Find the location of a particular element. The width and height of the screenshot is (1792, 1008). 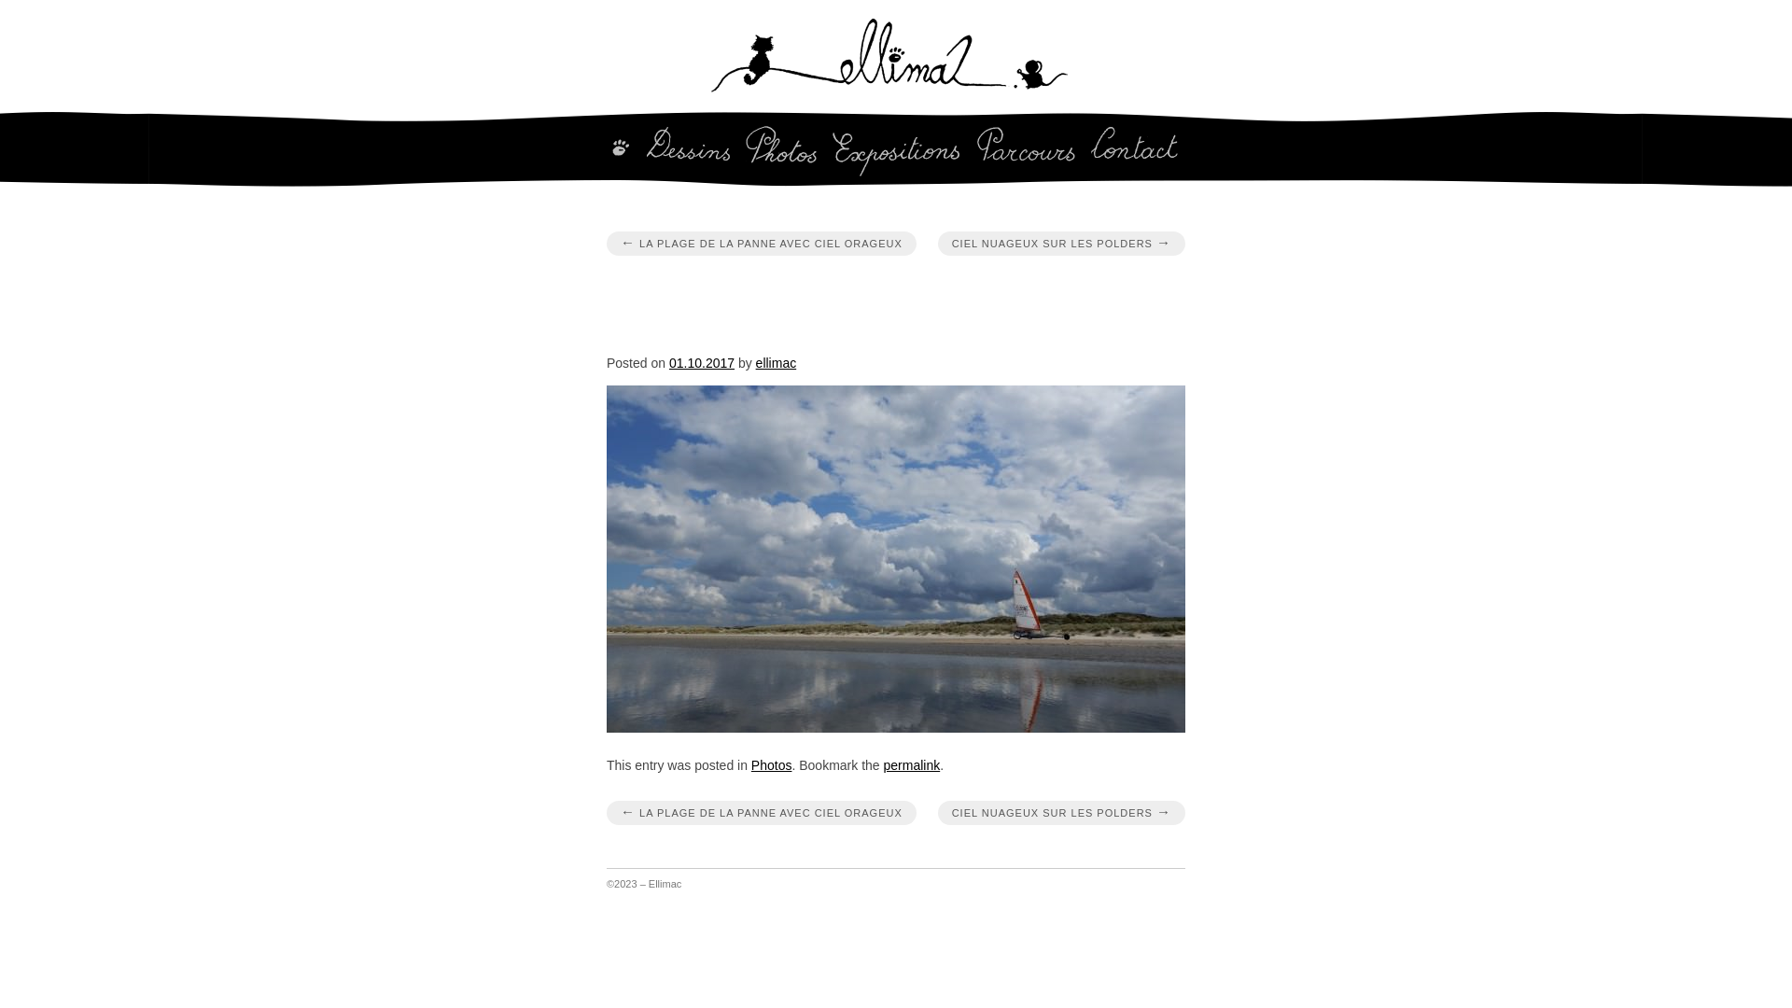

'ellimac' is located at coordinates (776, 363).